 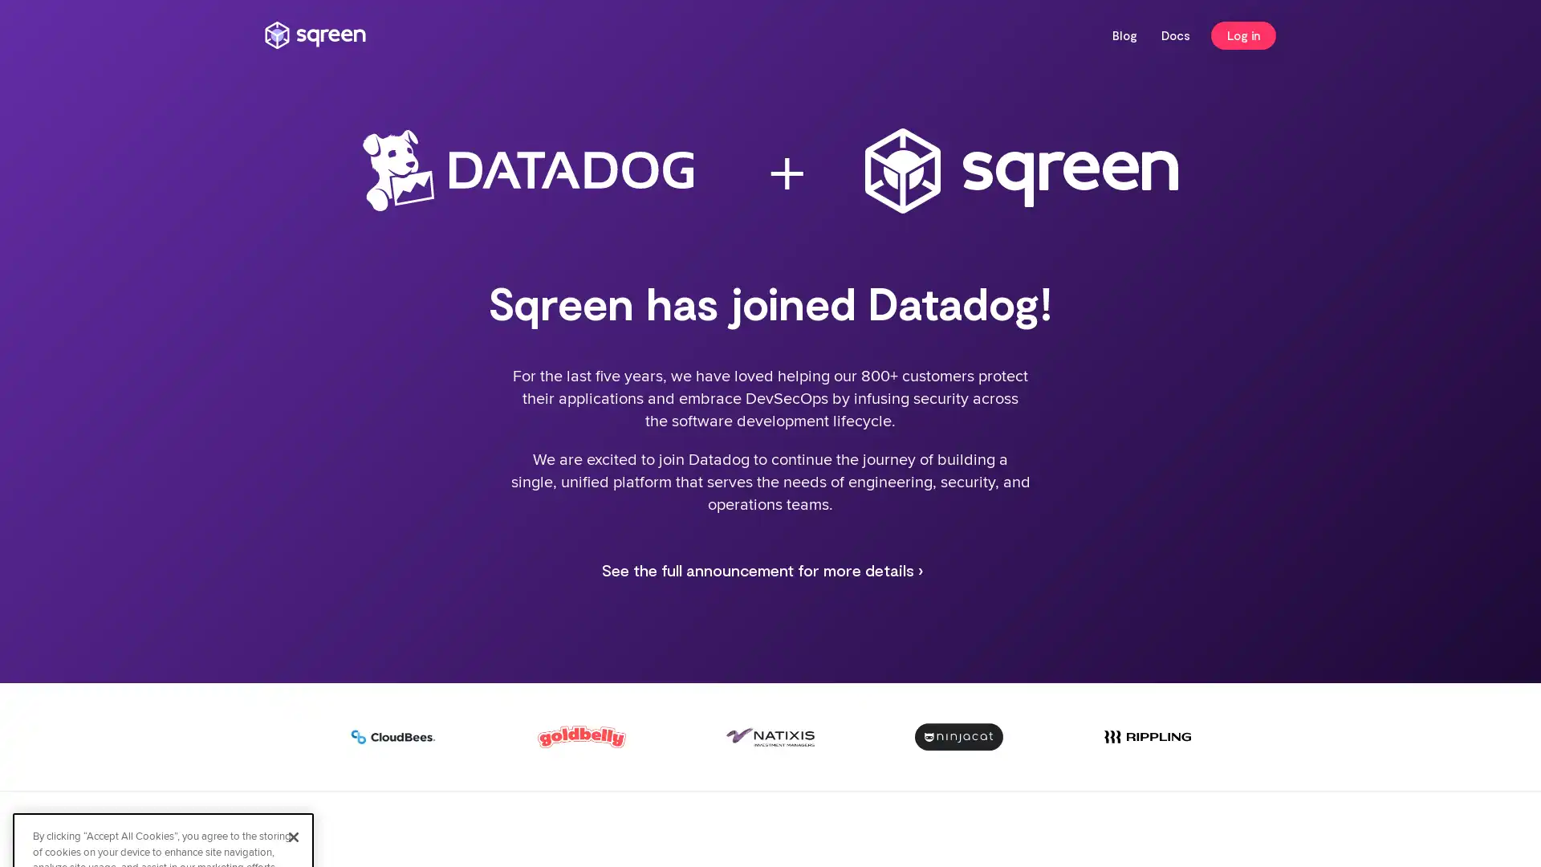 I want to click on Reject All, so click(x=163, y=807).